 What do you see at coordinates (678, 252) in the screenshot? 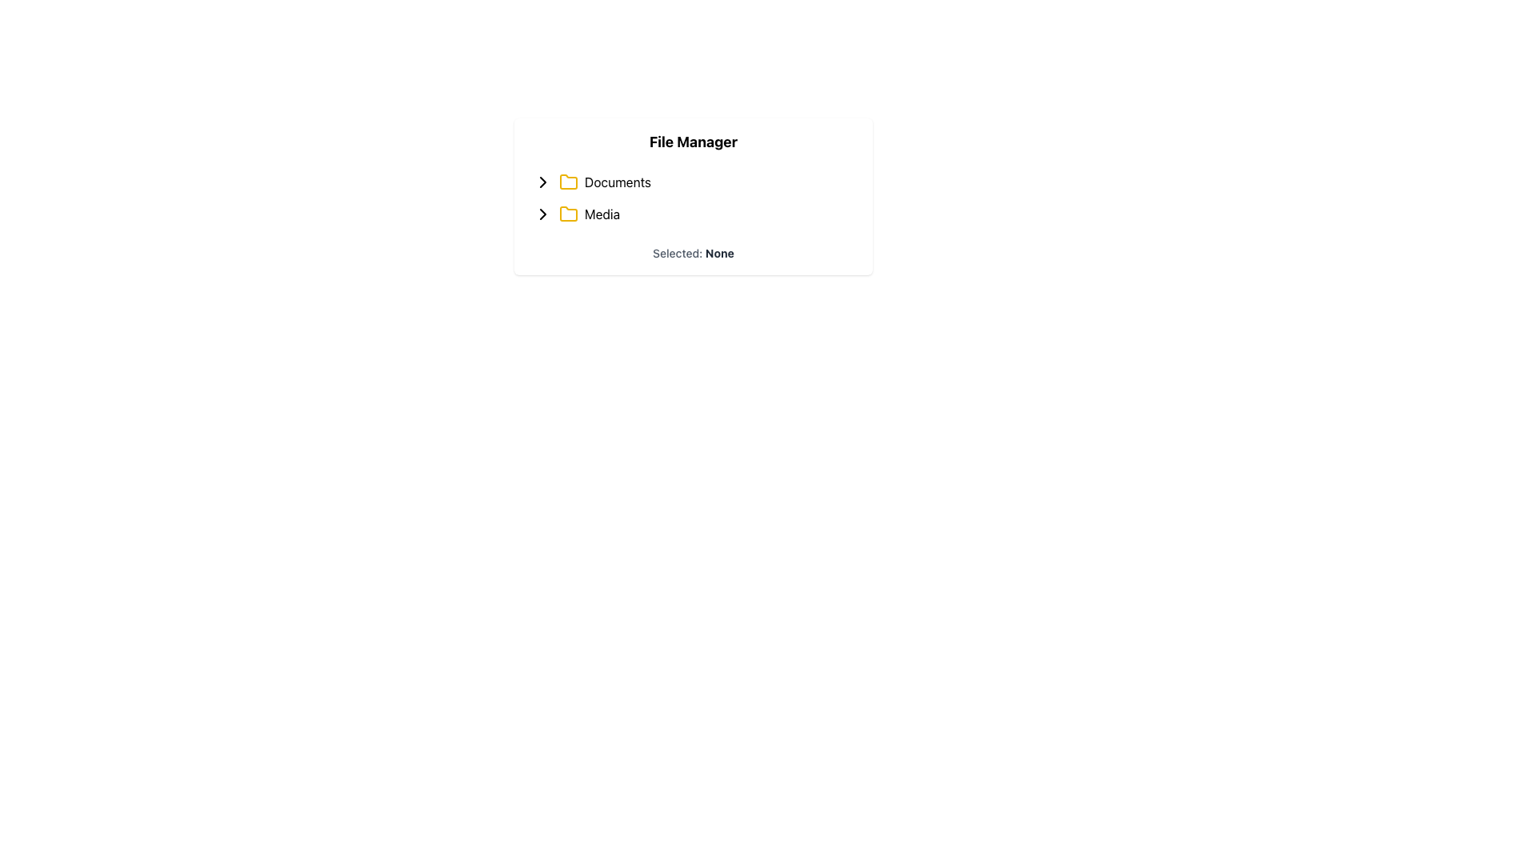
I see `the text label reading 'Selected:' located in the lower portion of the white card labeled 'File Manager'` at bounding box center [678, 252].